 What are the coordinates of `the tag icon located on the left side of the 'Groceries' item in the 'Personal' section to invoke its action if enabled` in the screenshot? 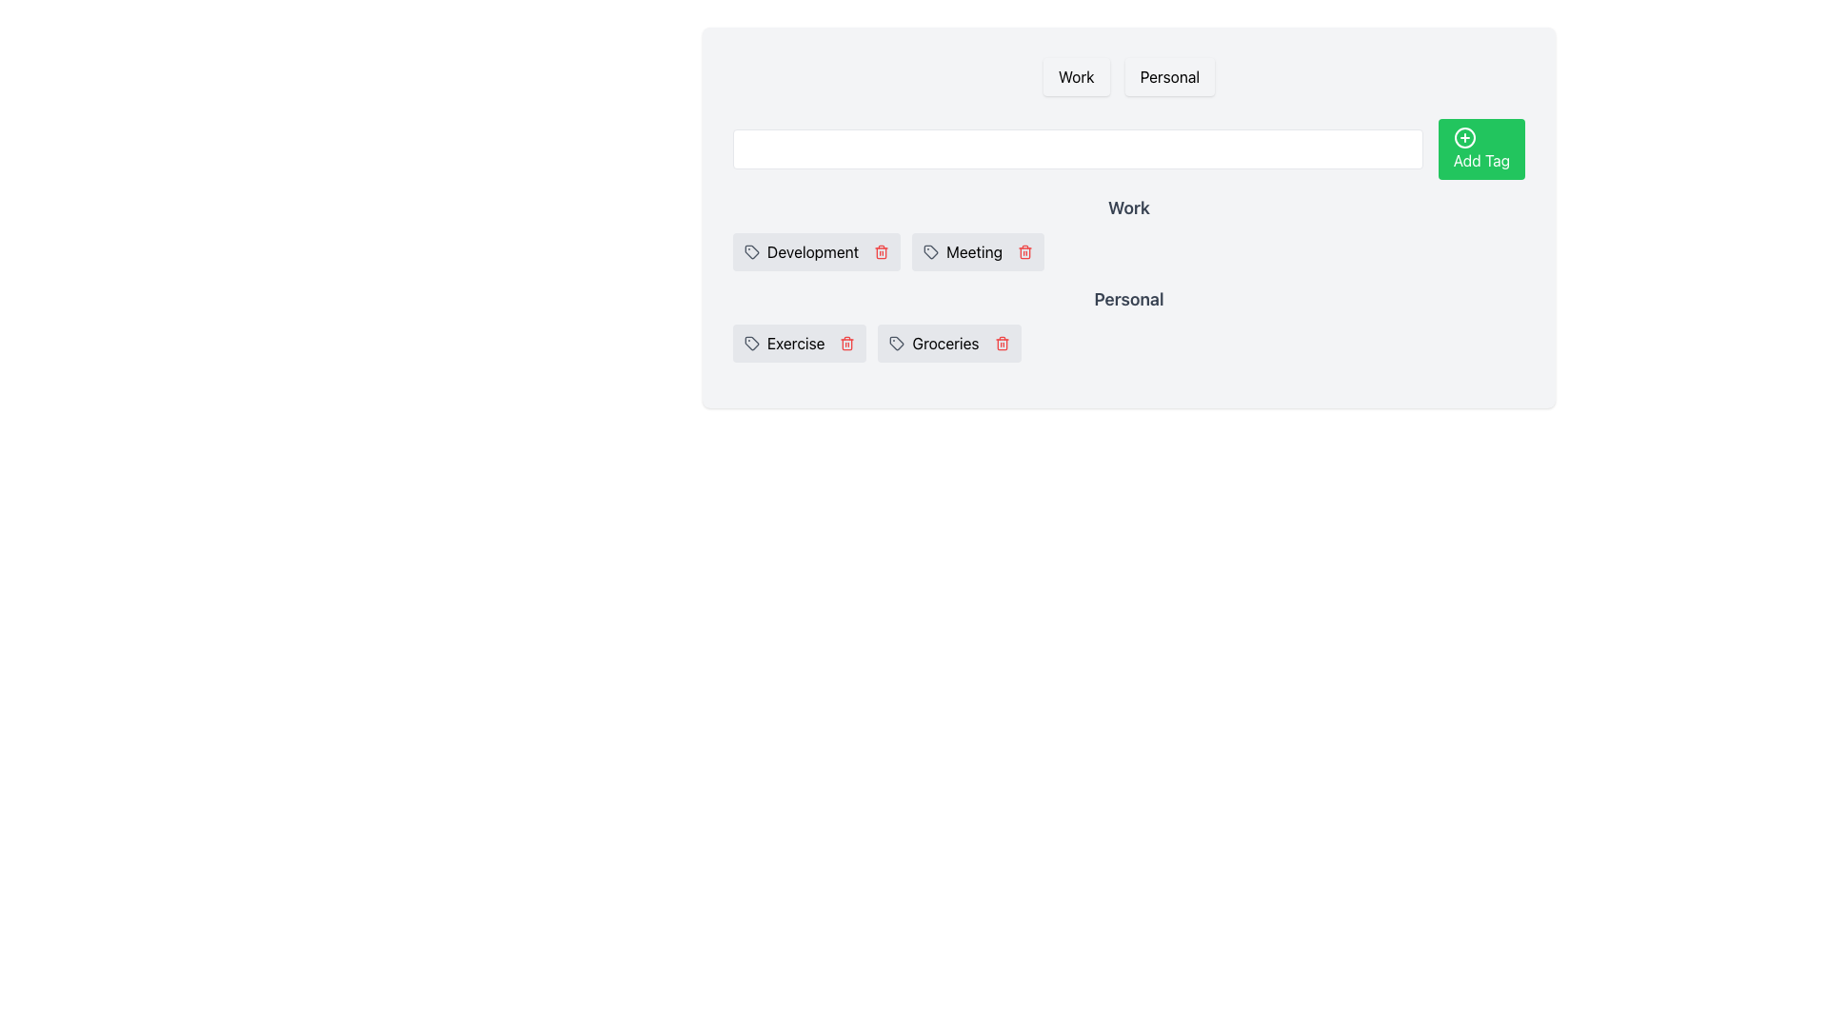 It's located at (895, 341).